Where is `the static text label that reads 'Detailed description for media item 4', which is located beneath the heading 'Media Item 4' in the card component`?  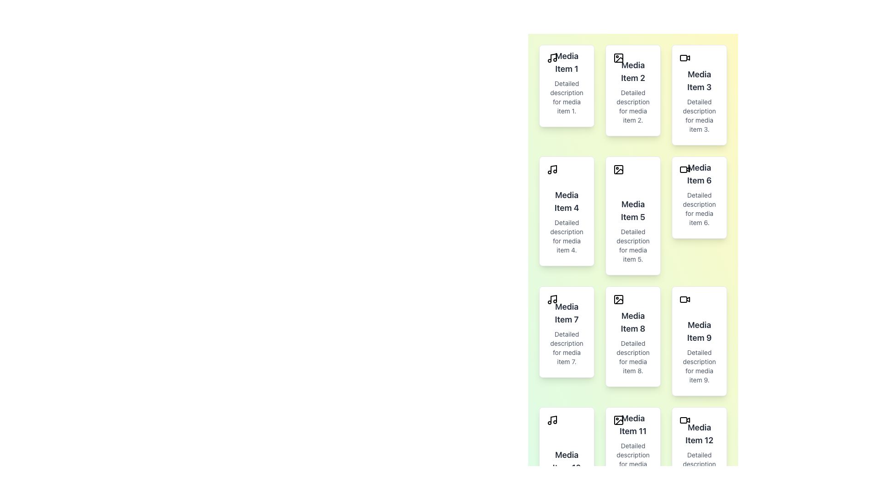
the static text label that reads 'Detailed description for media item 4', which is located beneath the heading 'Media Item 4' in the card component is located at coordinates (566, 236).